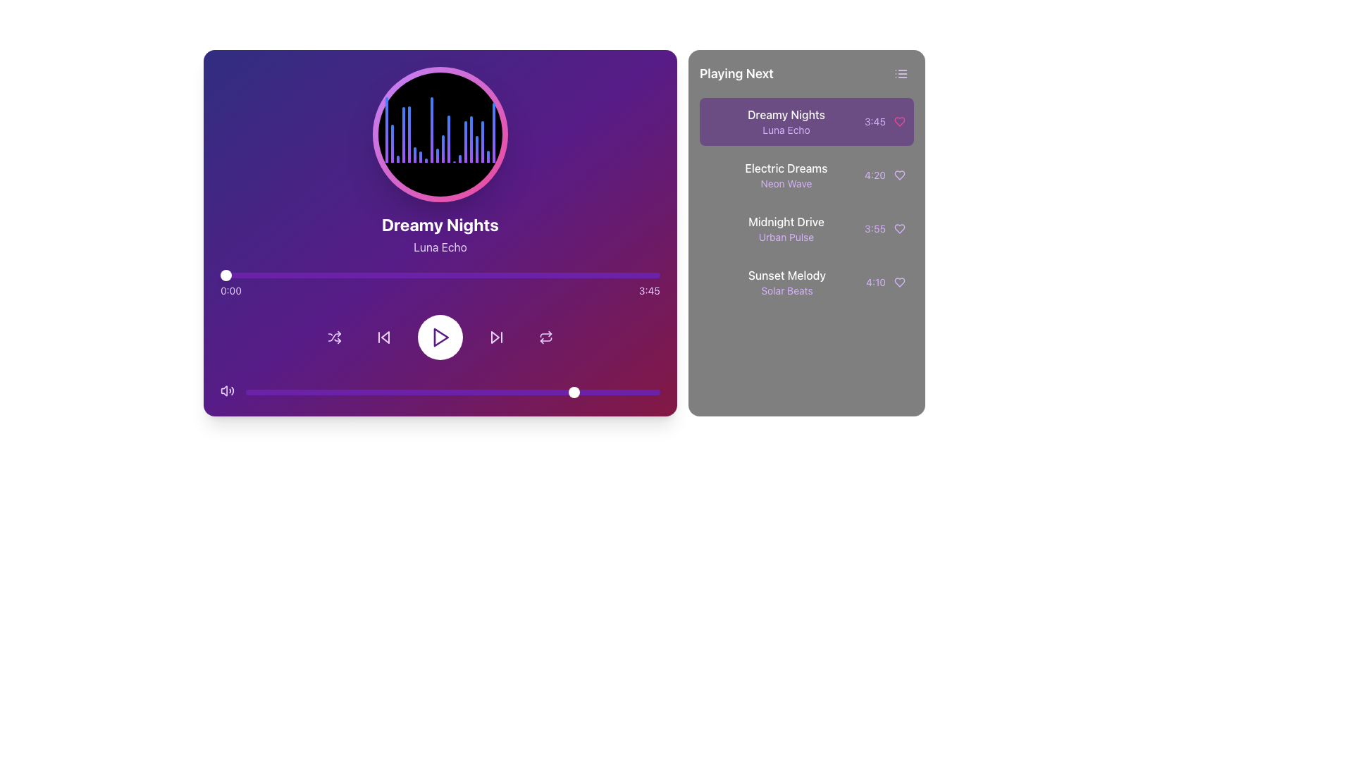 Image resolution: width=1353 pixels, height=761 pixels. What do you see at coordinates (439, 160) in the screenshot?
I see `the Dynamic visualizer element, which features a circular, gradient-enclosed black area with vertical pulsating bars resembling sound waves, located above the text 'Dreamy Nights' and 'Luna Echo'` at bounding box center [439, 160].